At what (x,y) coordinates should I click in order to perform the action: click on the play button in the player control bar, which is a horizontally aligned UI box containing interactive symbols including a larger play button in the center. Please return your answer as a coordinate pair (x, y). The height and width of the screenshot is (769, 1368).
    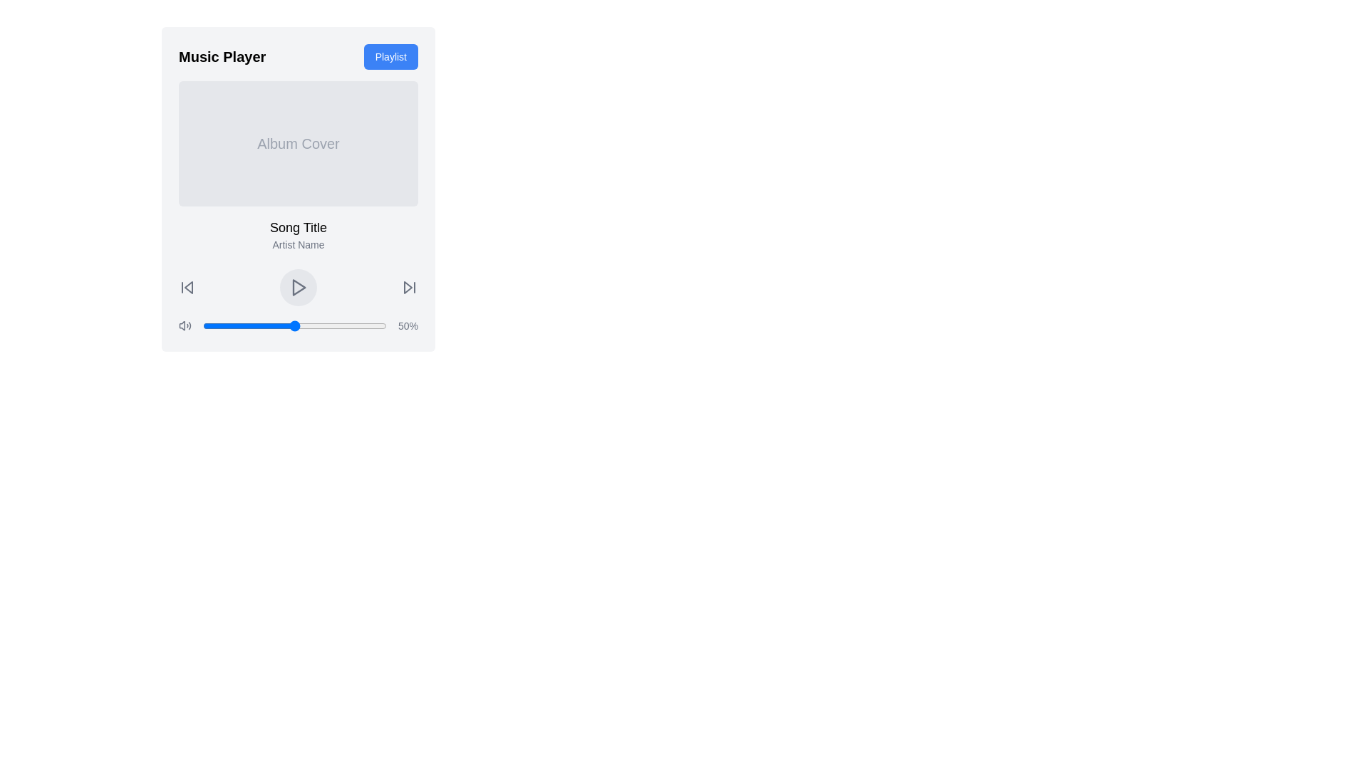
    Looking at the image, I should click on (297, 288).